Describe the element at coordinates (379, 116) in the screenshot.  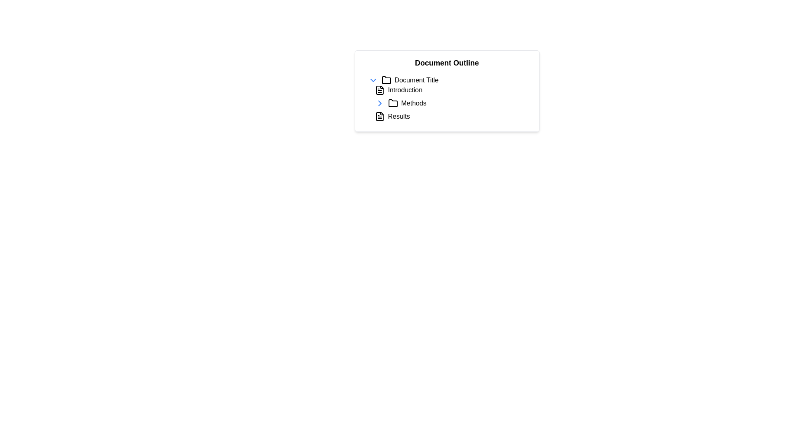
I see `the small document icon located to the left of the 'Results' label, which features a stroke-based design and current-color fill` at that location.